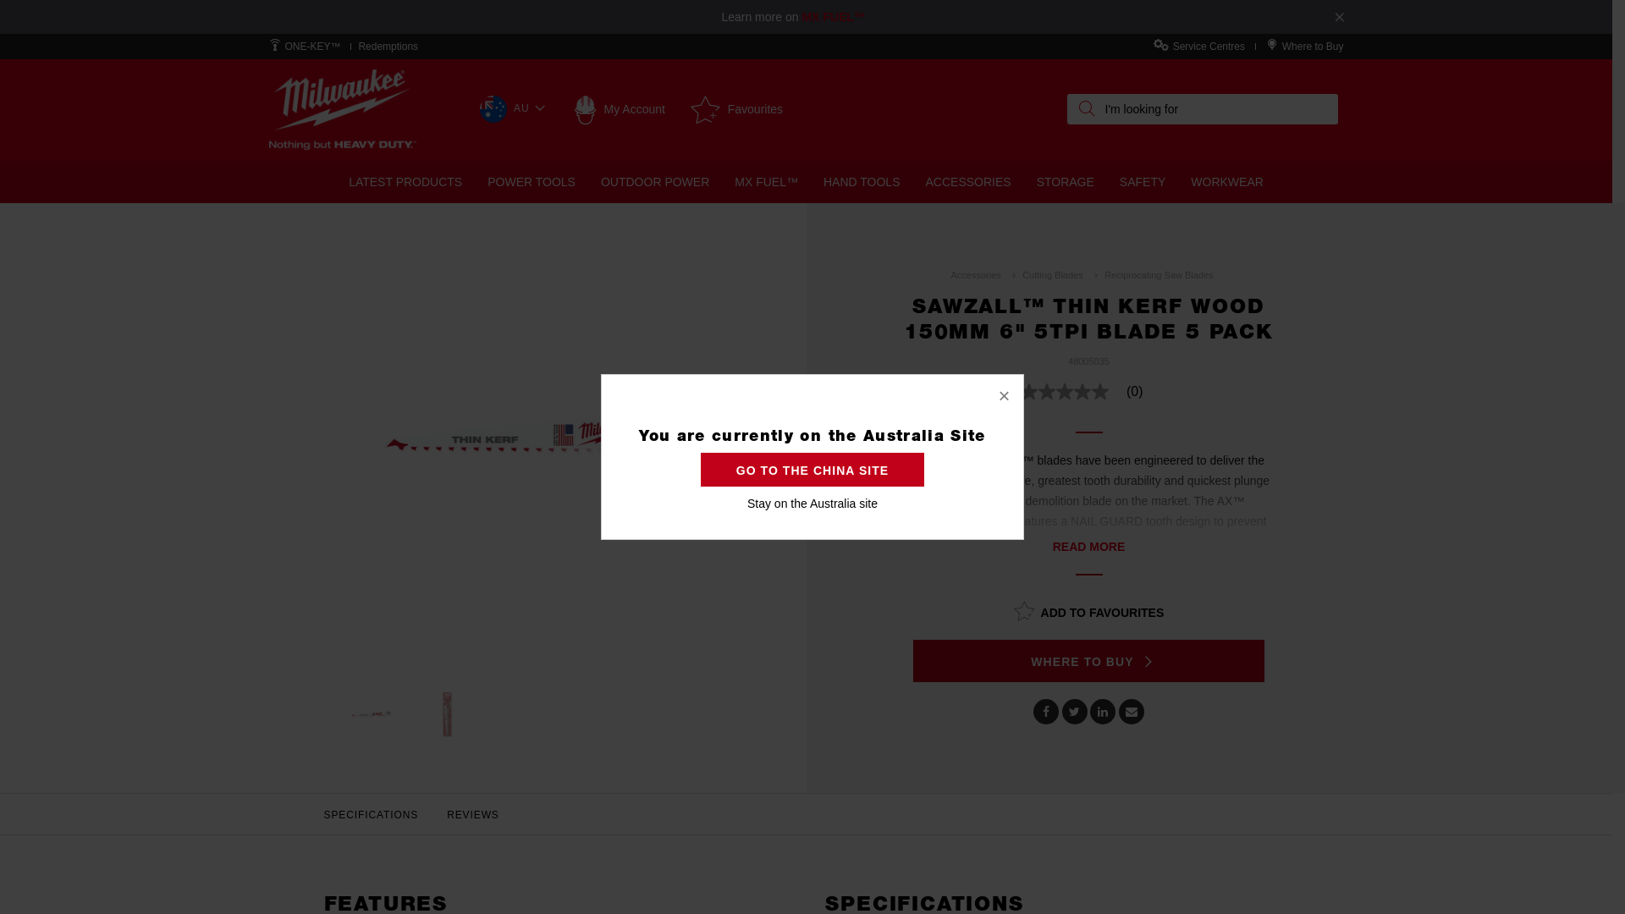 The width and height of the screenshot is (1625, 914). What do you see at coordinates (1088, 546) in the screenshot?
I see `'READ MORE'` at bounding box center [1088, 546].